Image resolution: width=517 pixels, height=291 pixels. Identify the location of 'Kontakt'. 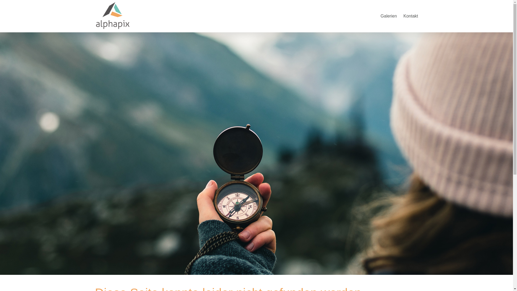
(410, 16).